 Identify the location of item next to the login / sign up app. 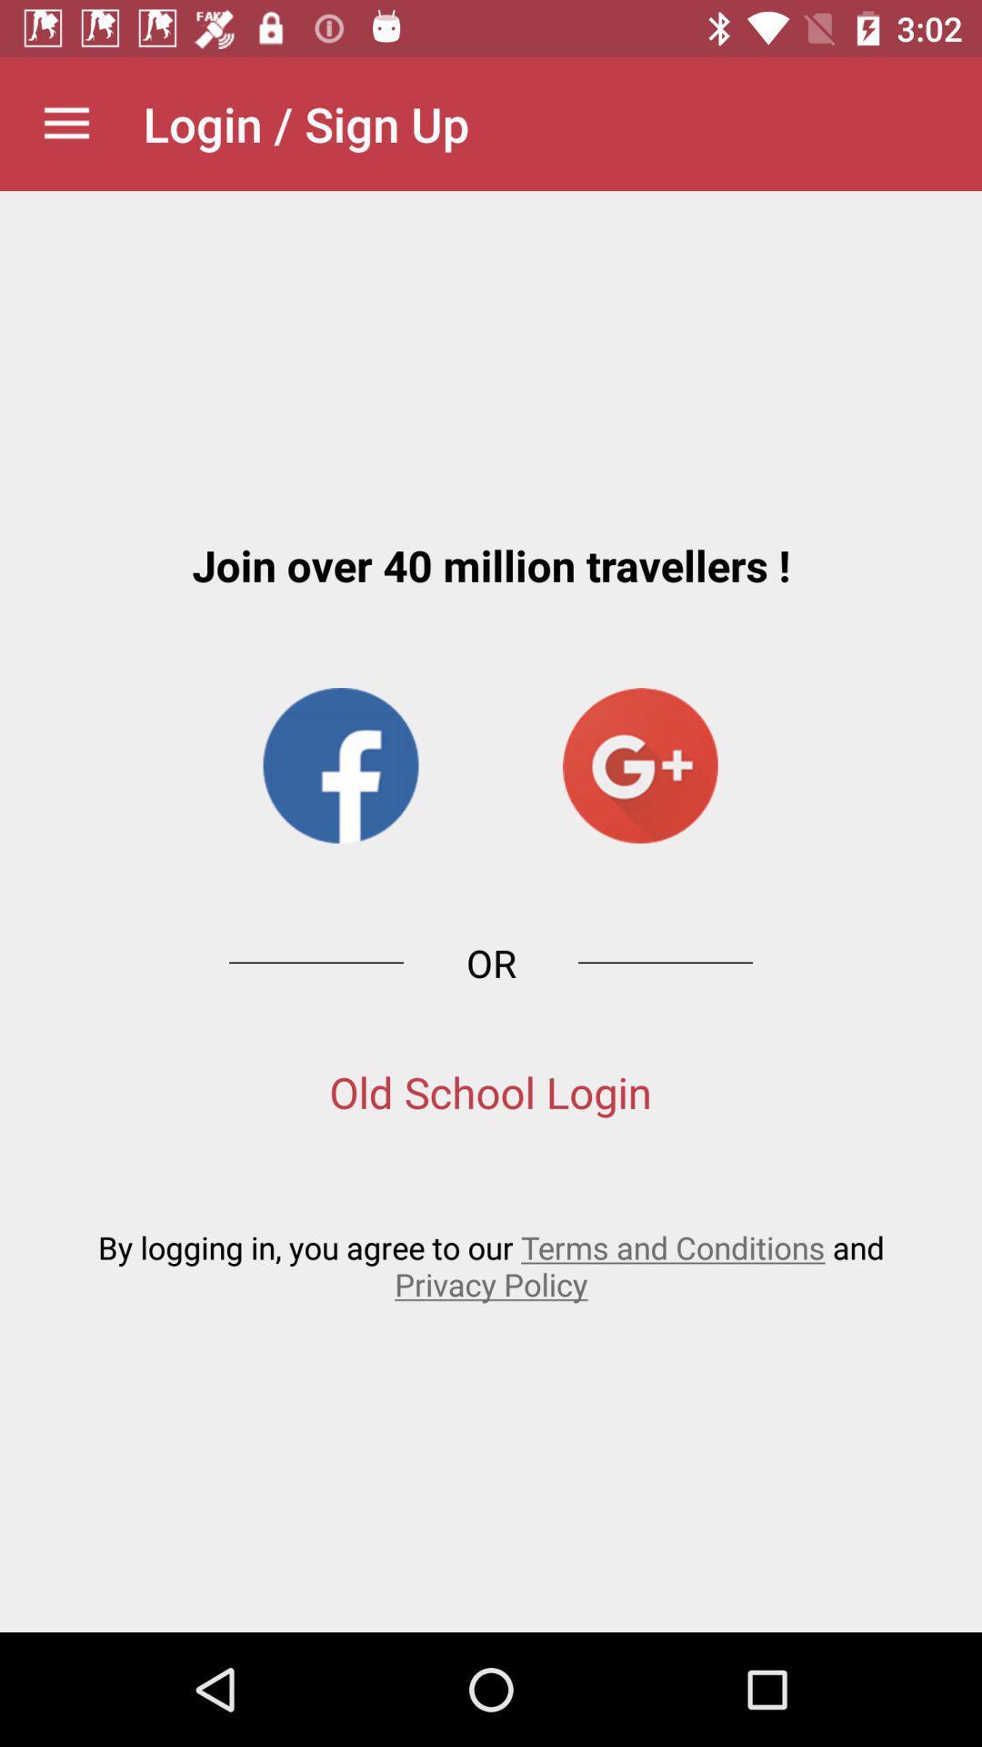
(65, 123).